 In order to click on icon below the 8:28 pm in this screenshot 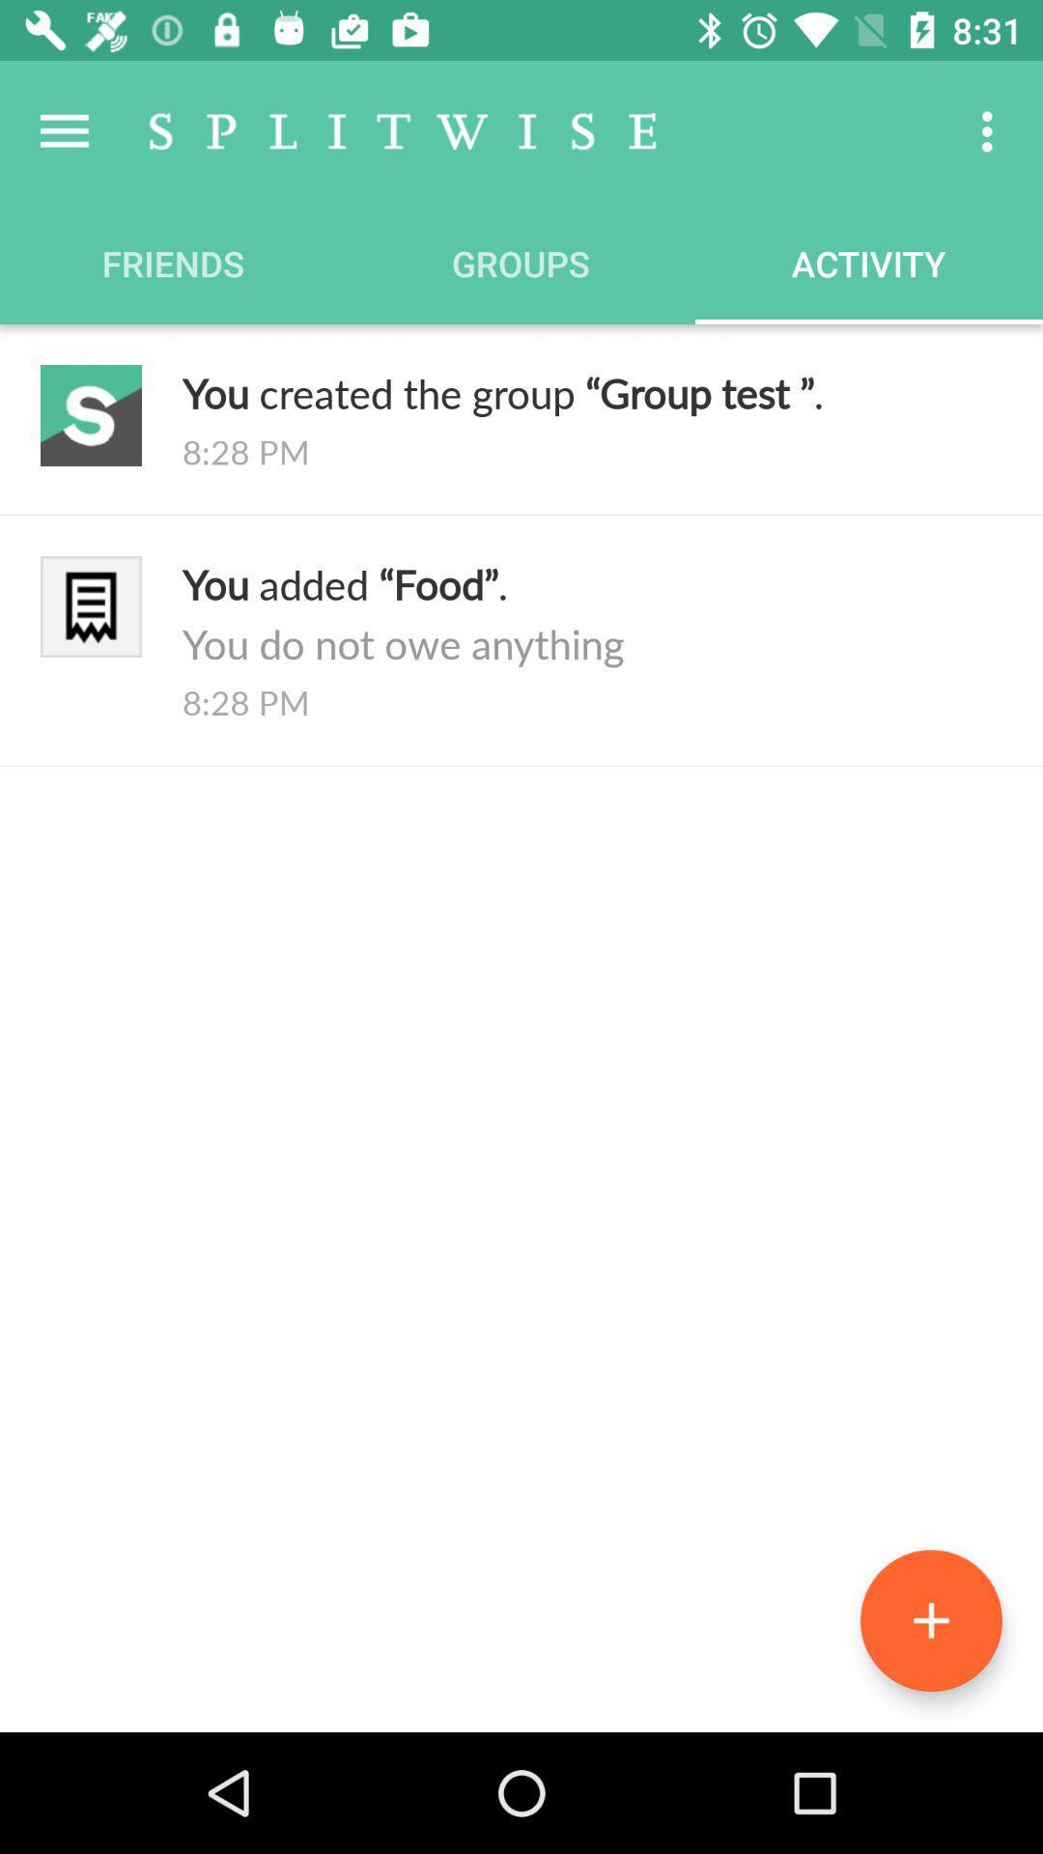, I will do `click(591, 612)`.